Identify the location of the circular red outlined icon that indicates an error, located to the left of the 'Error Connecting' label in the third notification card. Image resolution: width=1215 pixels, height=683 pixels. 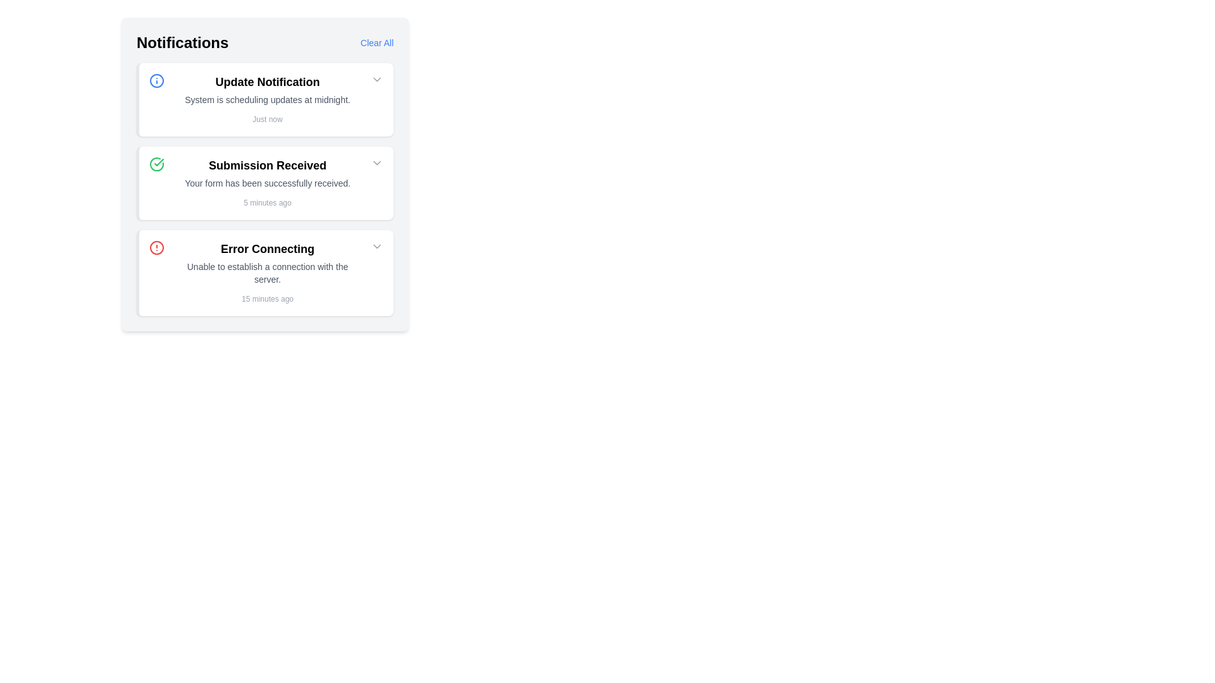
(156, 248).